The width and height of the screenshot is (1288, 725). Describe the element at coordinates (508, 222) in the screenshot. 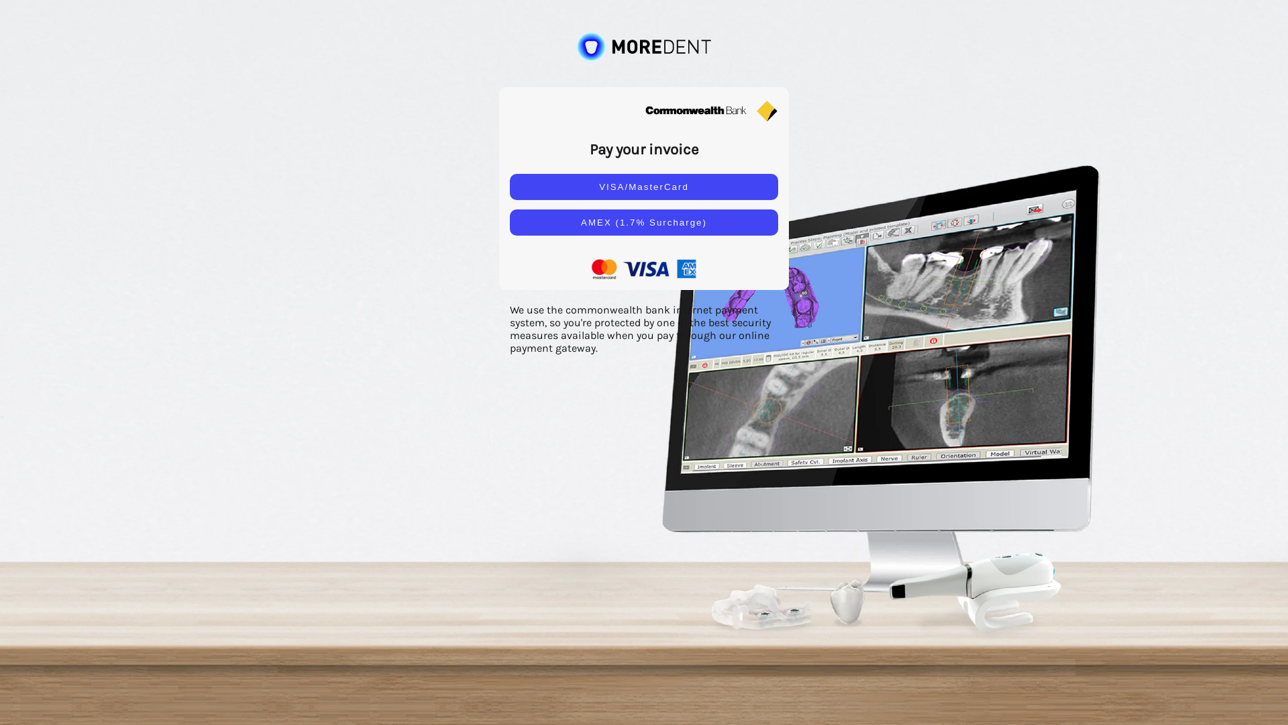

I see `'AMEX (1.7% Surcharge)'` at that location.